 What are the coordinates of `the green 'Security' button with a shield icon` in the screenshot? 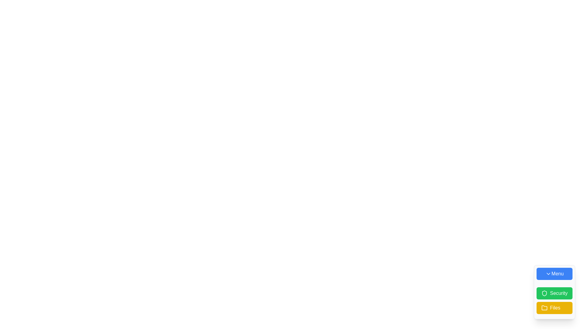 It's located at (554, 293).